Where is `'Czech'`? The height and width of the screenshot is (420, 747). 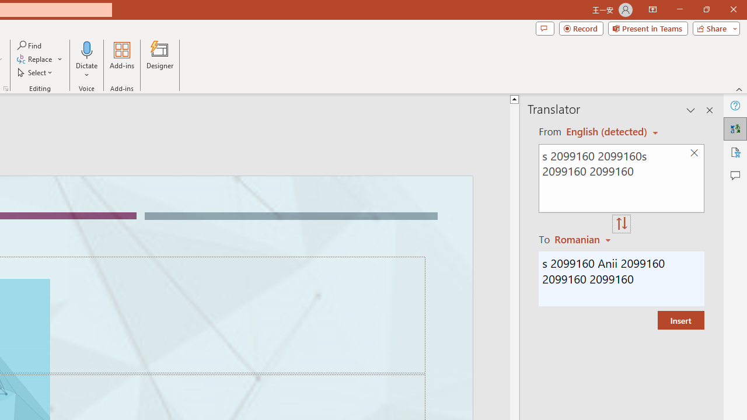 'Czech' is located at coordinates (584, 239).